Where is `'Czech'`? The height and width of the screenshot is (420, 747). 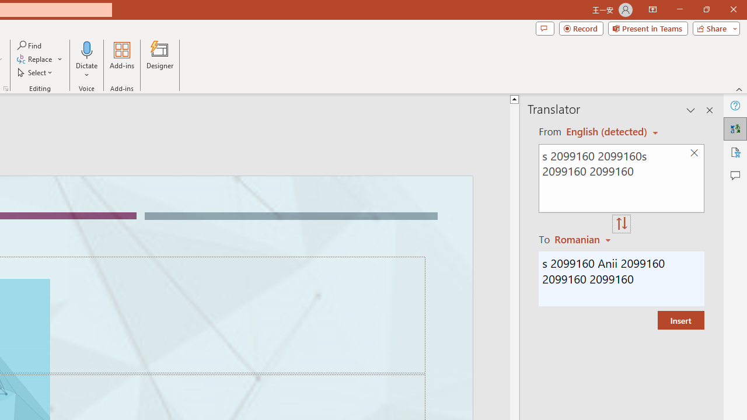 'Czech' is located at coordinates (584, 239).